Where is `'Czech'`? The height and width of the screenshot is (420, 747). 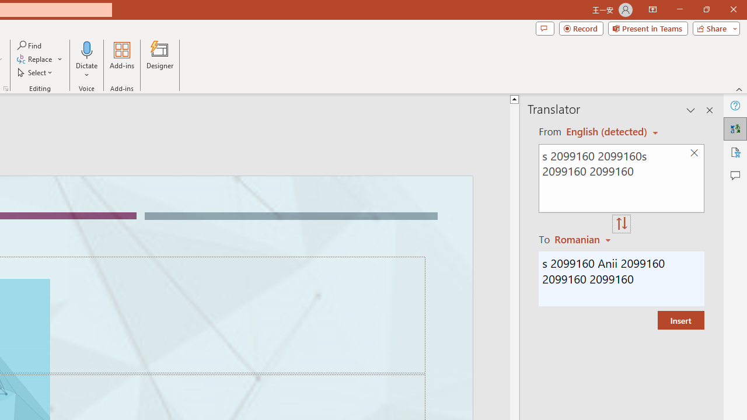 'Czech' is located at coordinates (584, 239).